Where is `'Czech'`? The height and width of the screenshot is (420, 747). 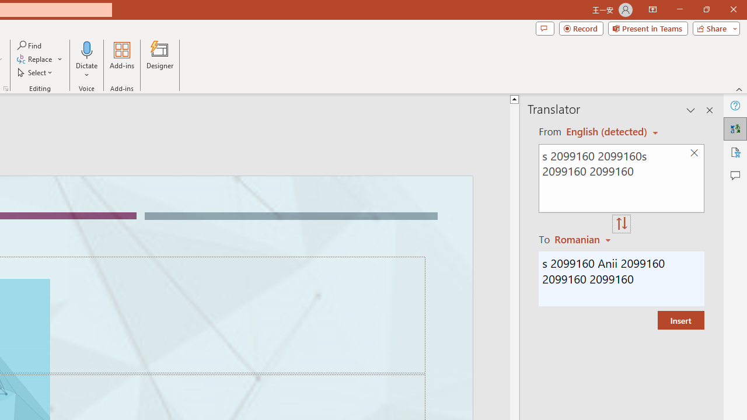 'Czech' is located at coordinates (584, 239).